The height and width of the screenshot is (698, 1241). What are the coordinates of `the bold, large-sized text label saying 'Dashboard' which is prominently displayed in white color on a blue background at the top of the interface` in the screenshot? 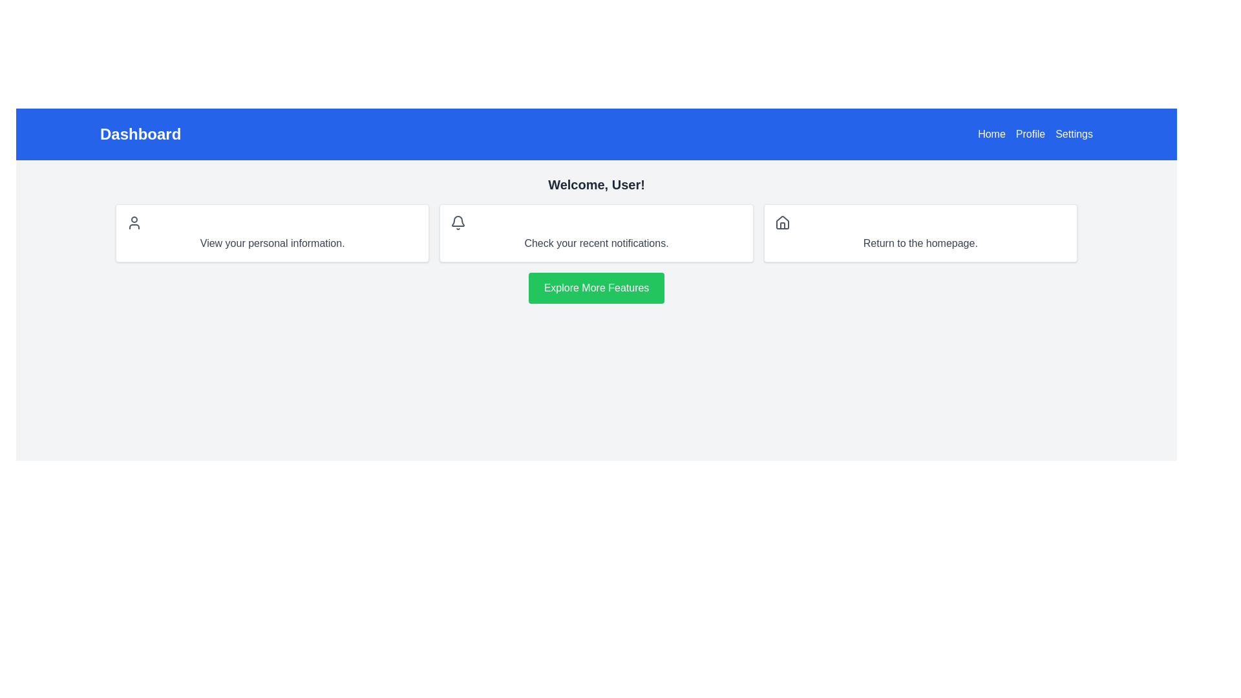 It's located at (140, 134).